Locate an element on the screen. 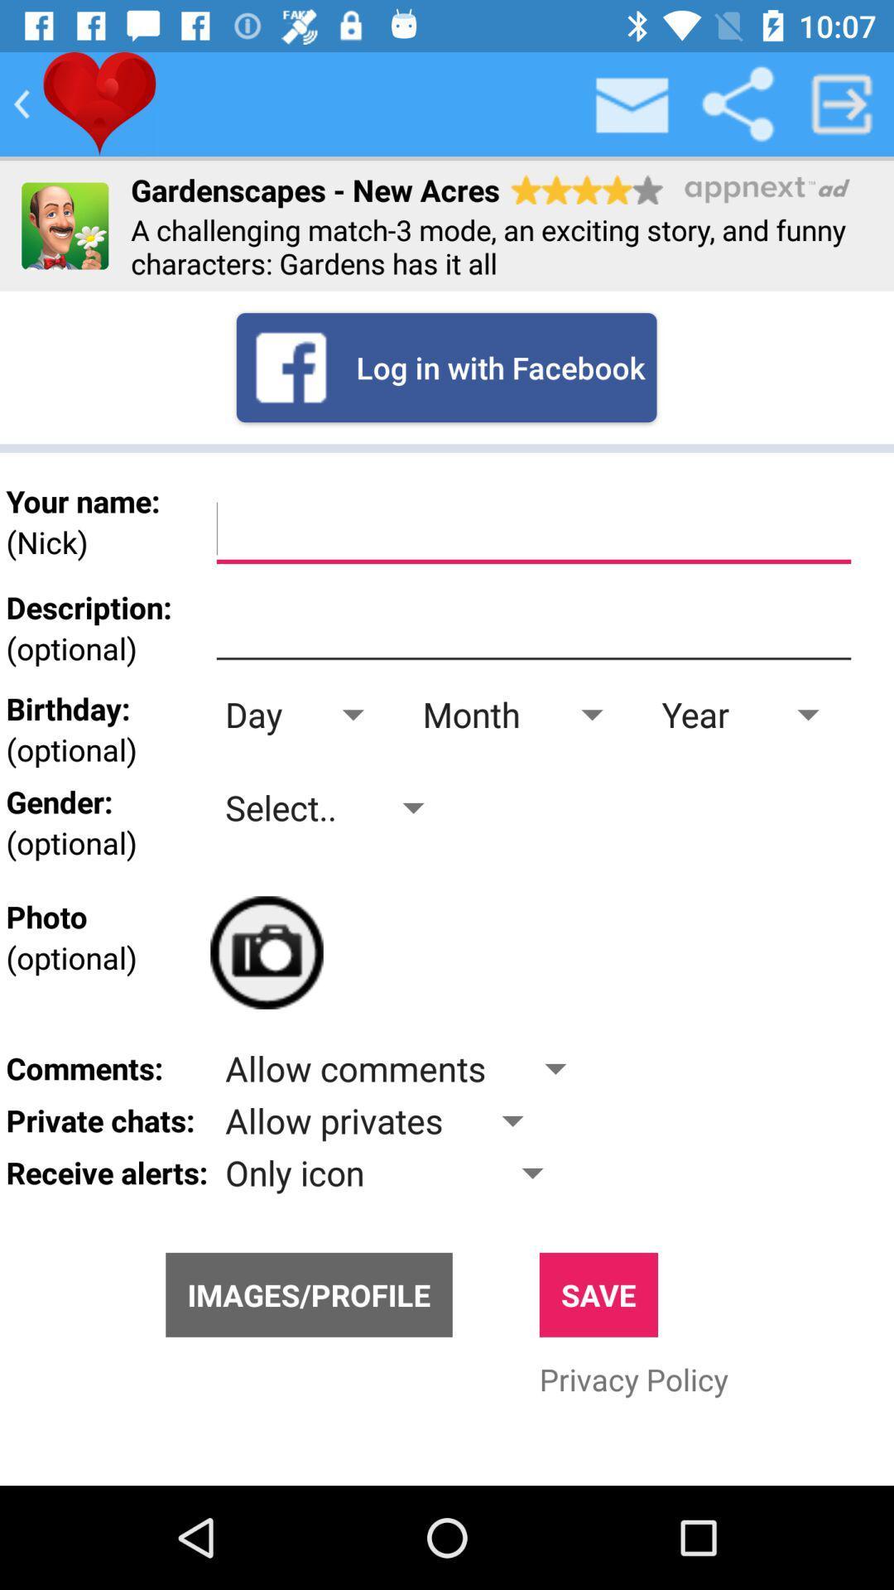 The height and width of the screenshot is (1590, 894). a photo is located at coordinates (266, 952).